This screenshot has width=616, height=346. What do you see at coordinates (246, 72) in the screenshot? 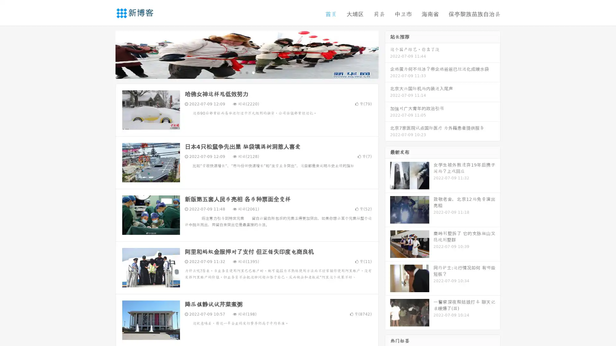
I see `Go to slide 2` at bounding box center [246, 72].